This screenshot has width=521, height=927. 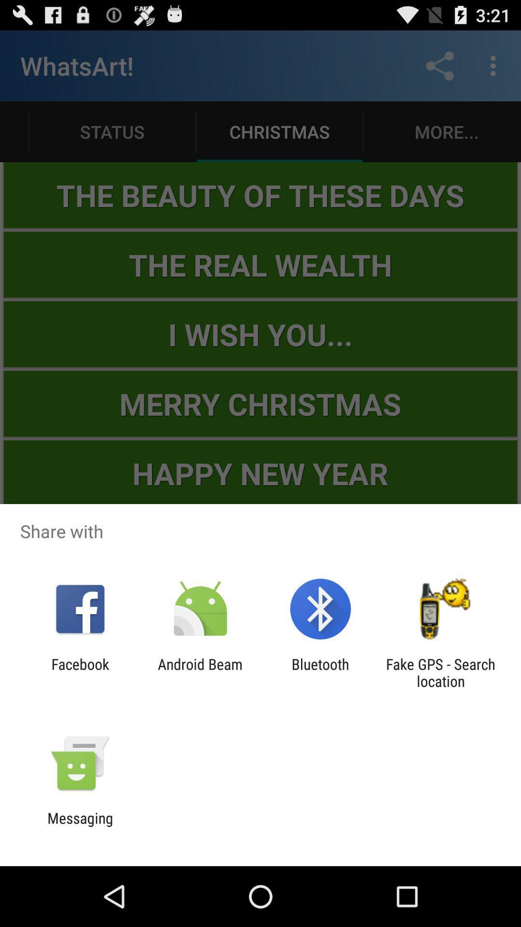 I want to click on the item next to bluetooth item, so click(x=200, y=672).